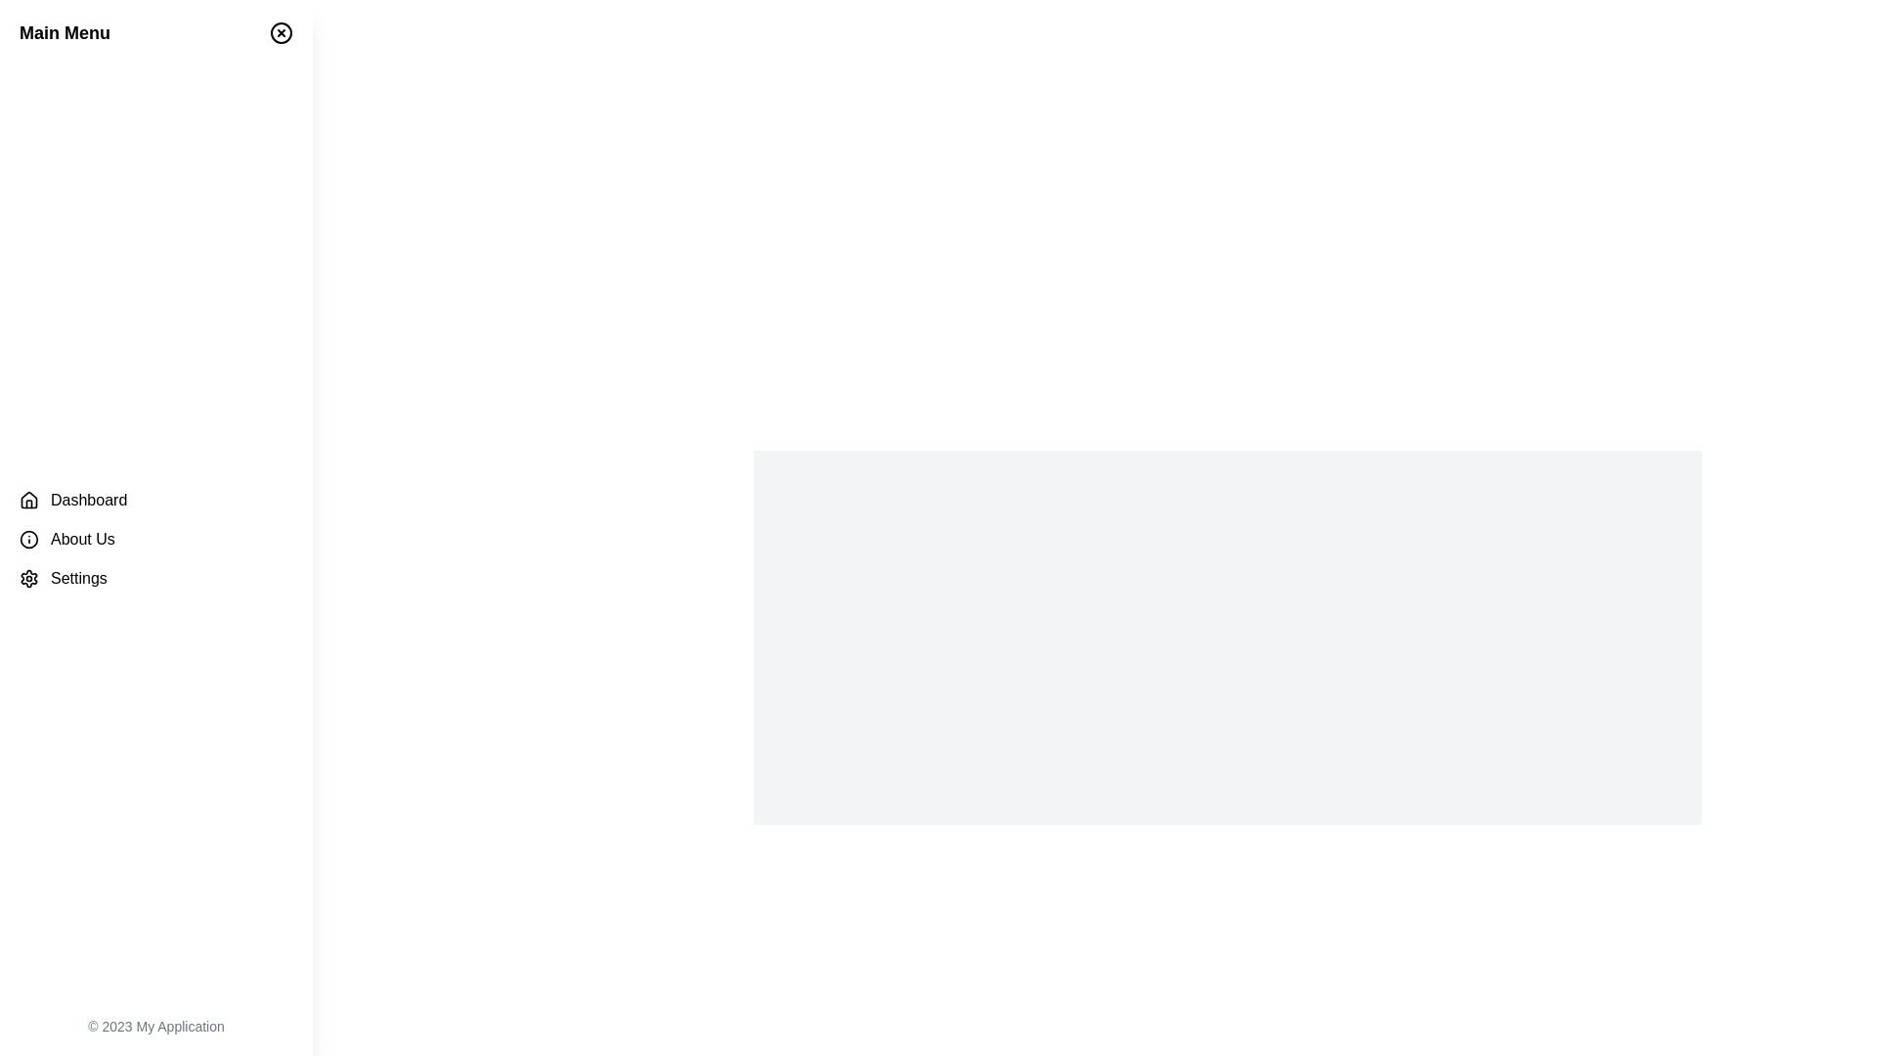 The width and height of the screenshot is (1877, 1056). Describe the element at coordinates (28, 539) in the screenshot. I see `the central circle of the 'info' icon in the vertical navigation bar, located to the left of the 'About Us' menu option` at that location.